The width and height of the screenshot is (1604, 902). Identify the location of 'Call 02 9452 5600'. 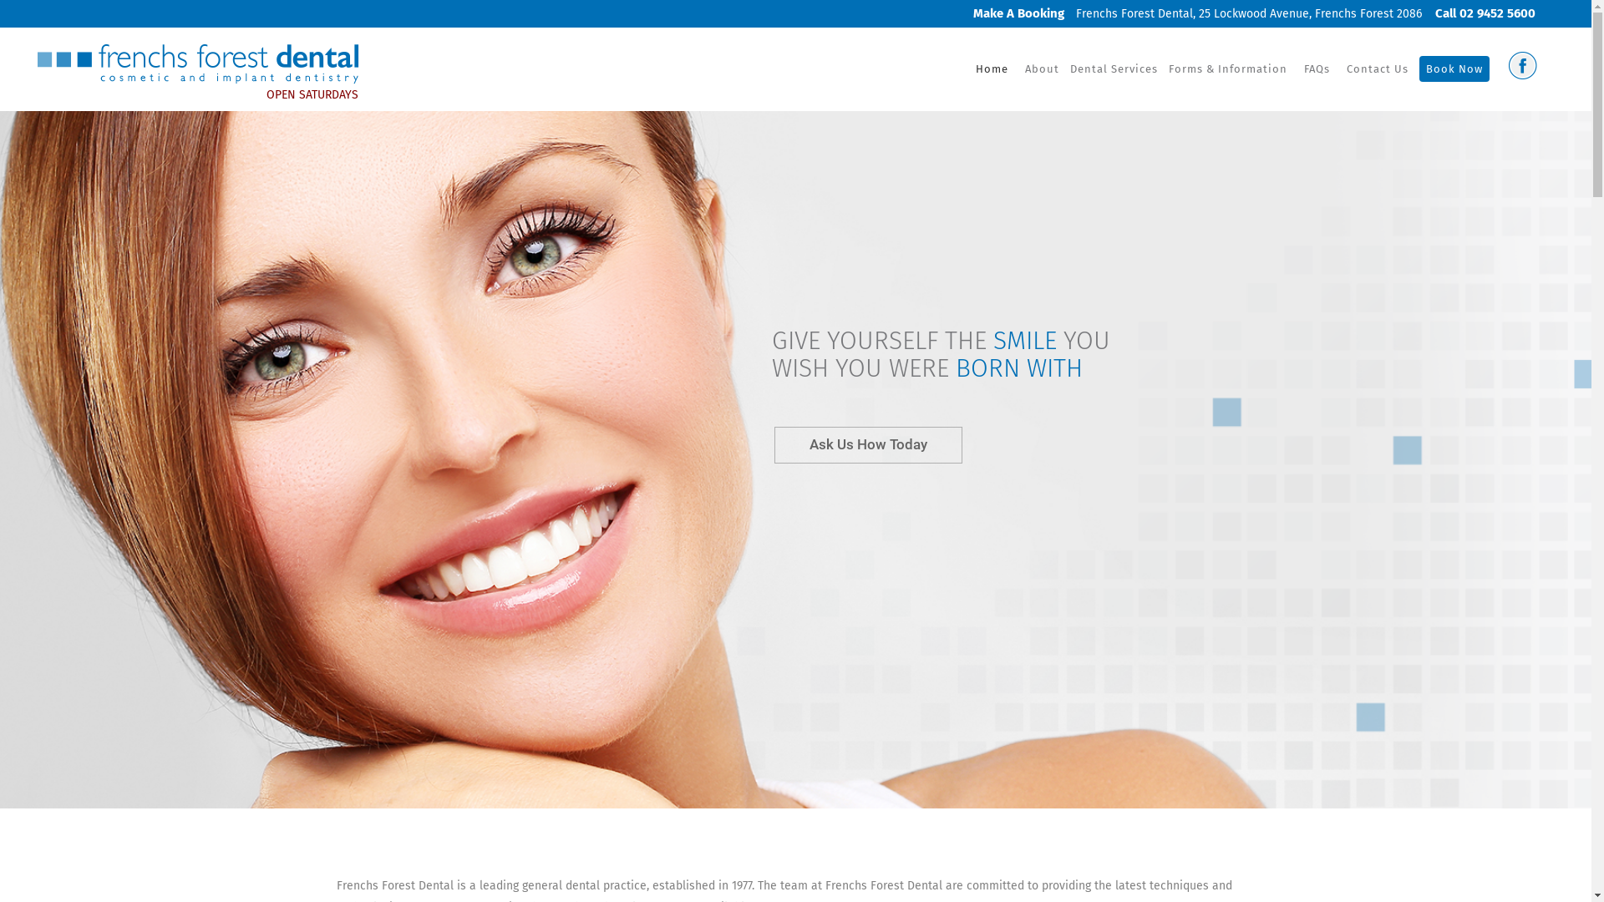
(1480, 13).